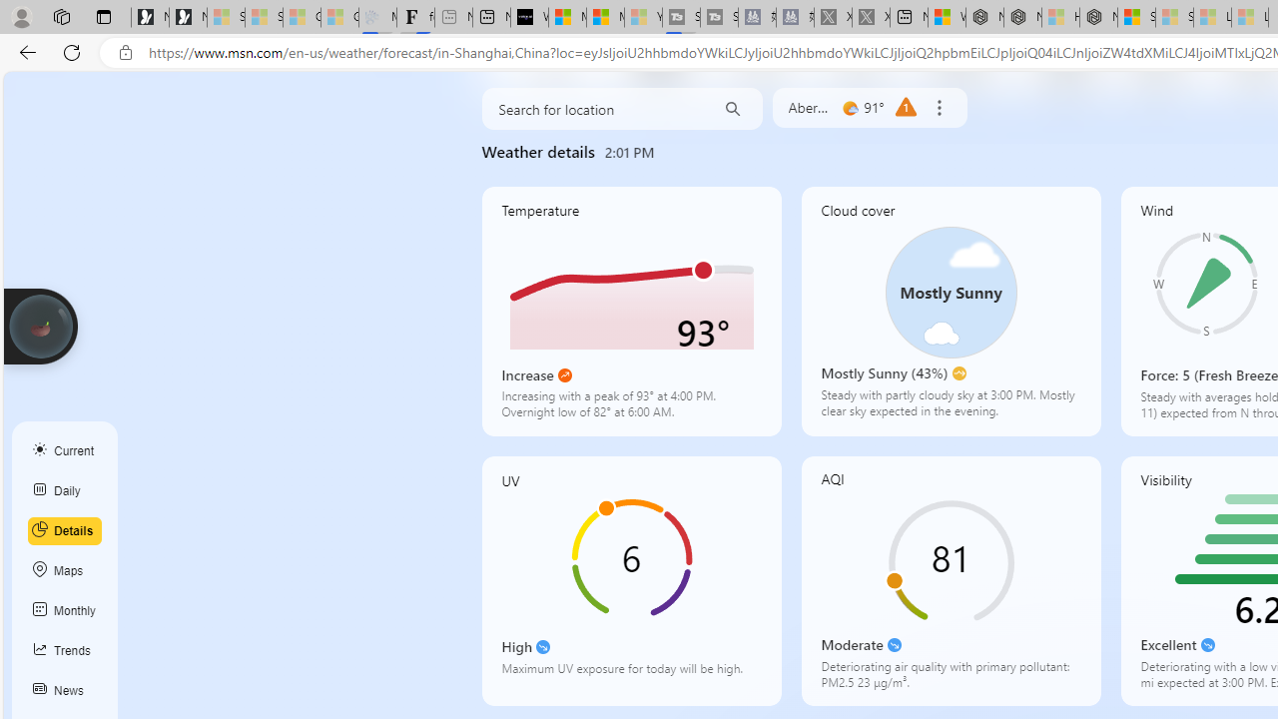 This screenshot has width=1278, height=719. What do you see at coordinates (630, 312) in the screenshot?
I see `'Temperature'` at bounding box center [630, 312].